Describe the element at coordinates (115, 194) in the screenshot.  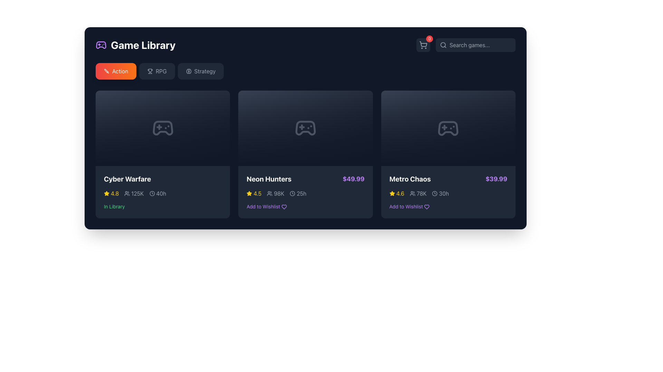
I see `the user rating display text label of the Cyber Warfare product located in the lower-left corner of the product card` at that location.